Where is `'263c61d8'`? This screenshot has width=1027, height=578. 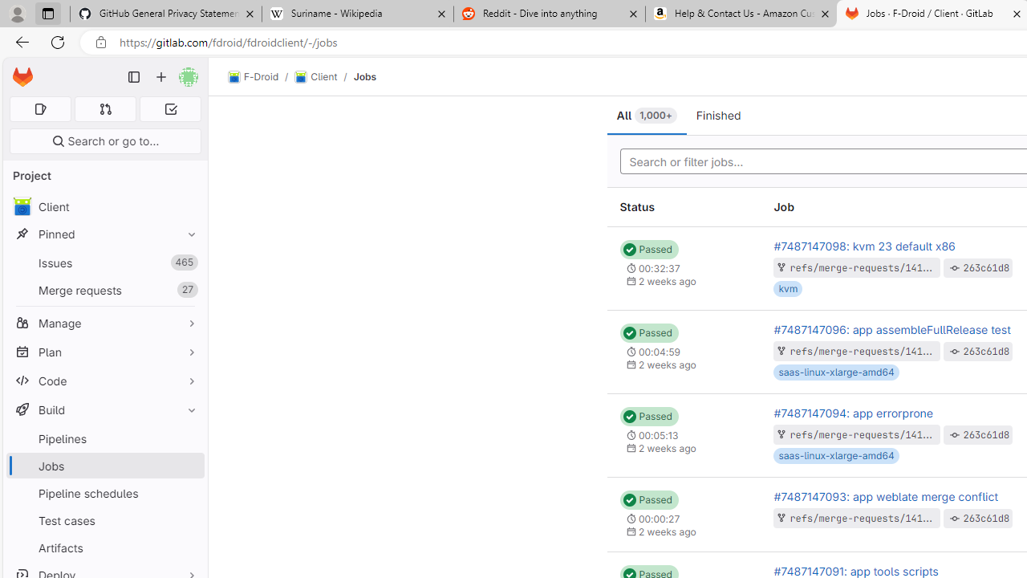
'263c61d8' is located at coordinates (986, 518).